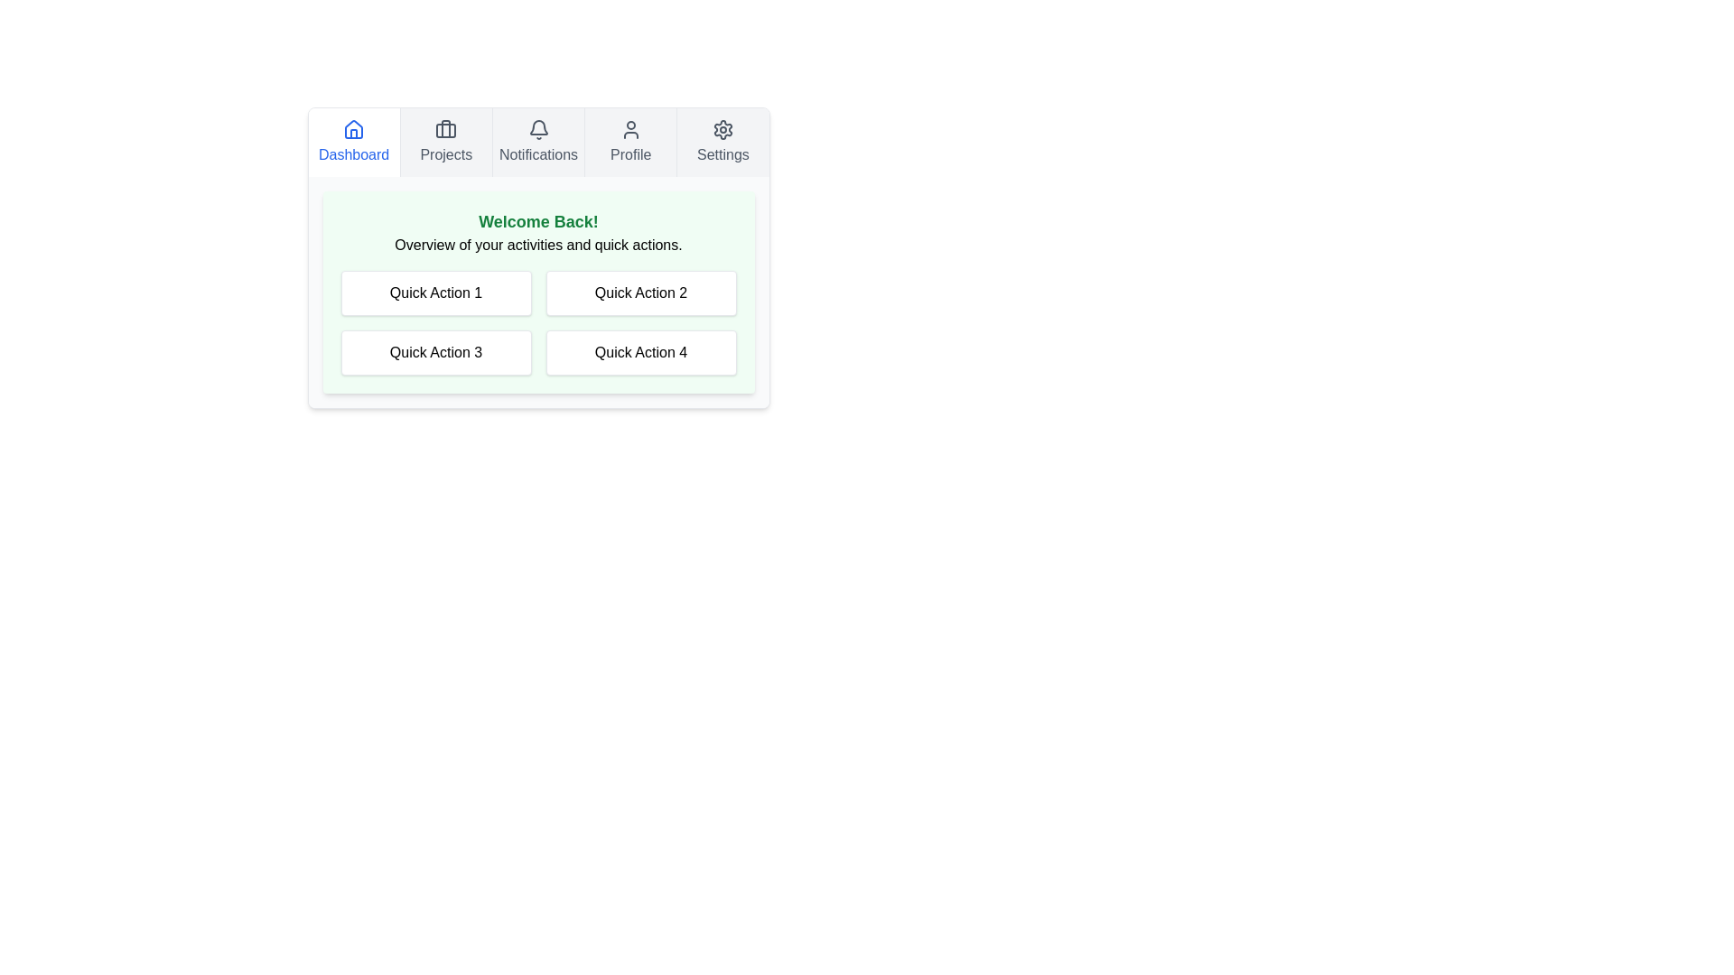 The width and height of the screenshot is (1734, 975). I want to click on the 'Profile' vector graphic icon located at the top of the interface, which signifies the user account management section, so click(630, 128).